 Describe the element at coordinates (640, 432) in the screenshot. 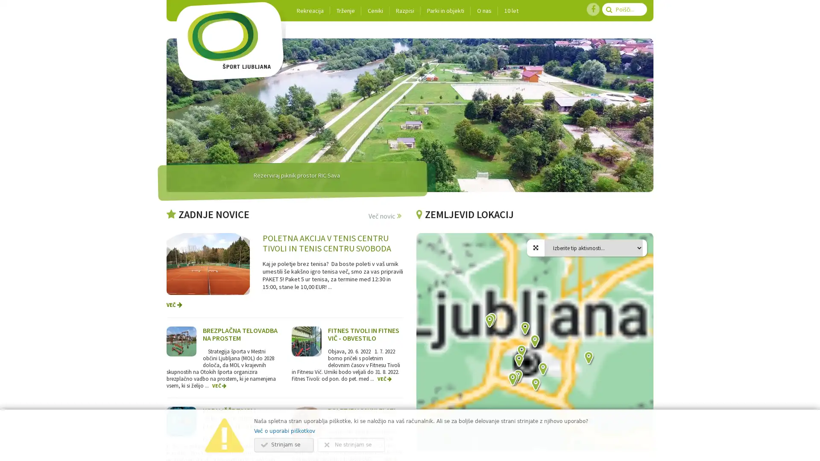

I see `Pomanjsaj` at that location.